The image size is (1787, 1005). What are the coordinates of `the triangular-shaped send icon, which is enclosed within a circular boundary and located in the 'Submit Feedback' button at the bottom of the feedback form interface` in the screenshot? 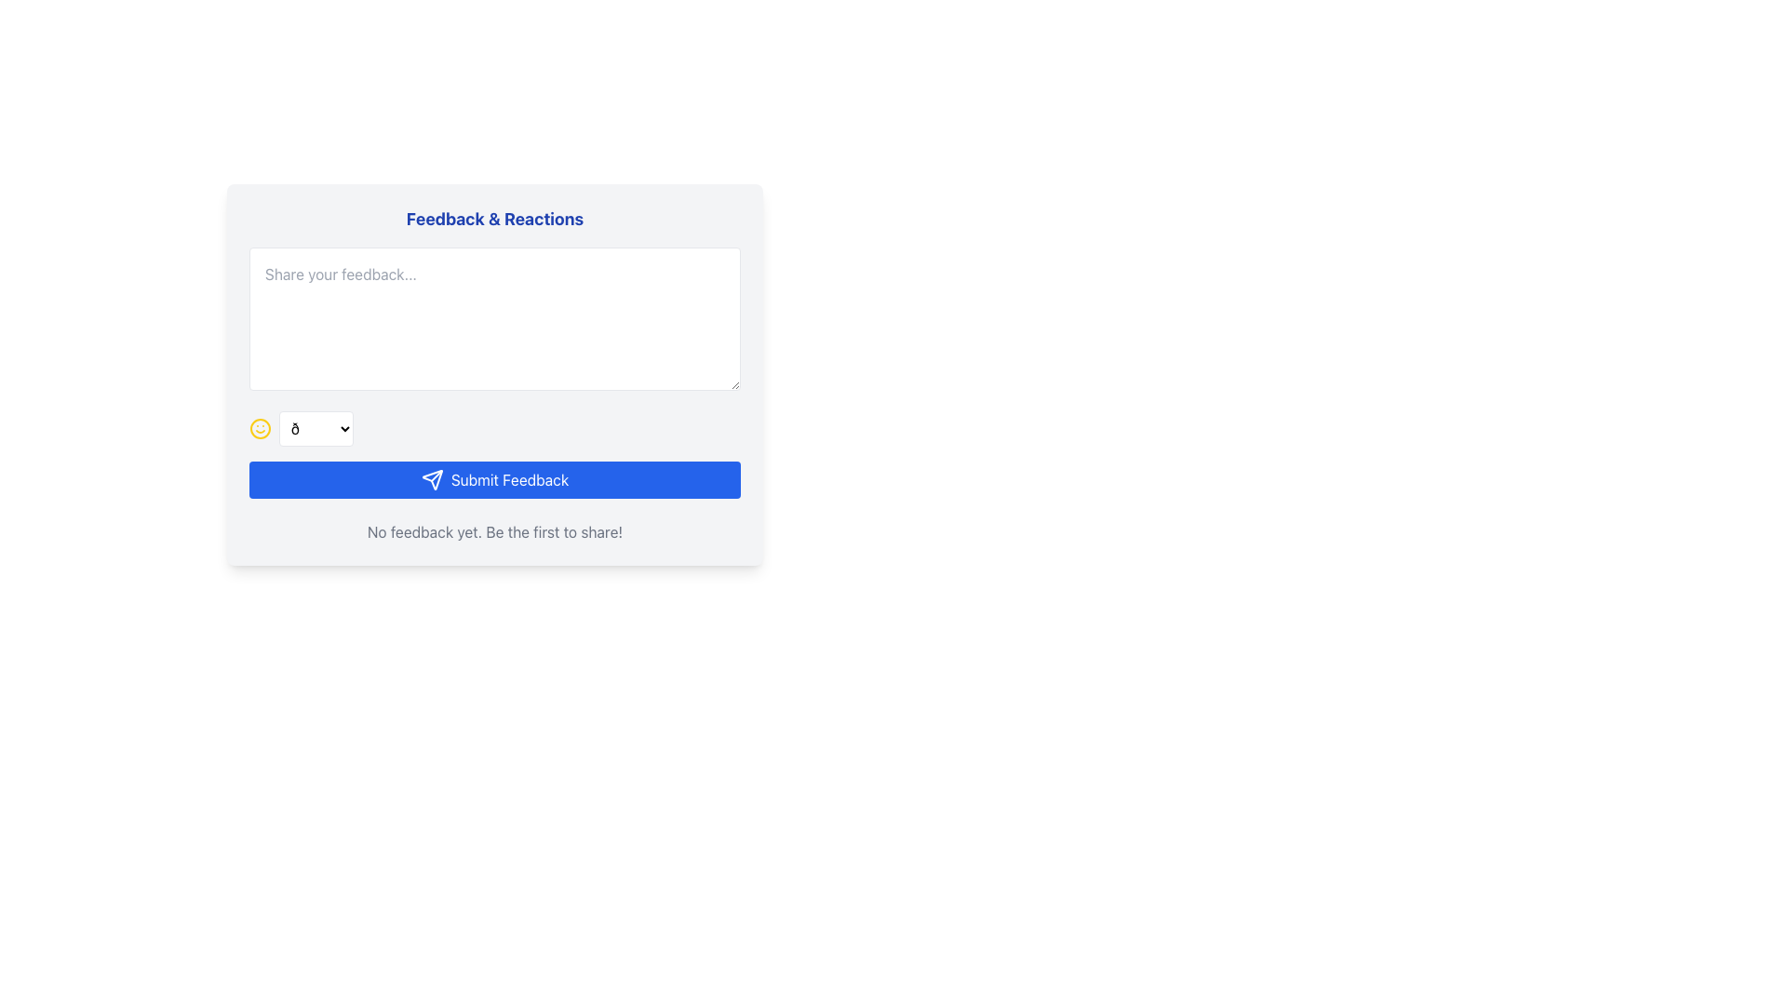 It's located at (431, 479).